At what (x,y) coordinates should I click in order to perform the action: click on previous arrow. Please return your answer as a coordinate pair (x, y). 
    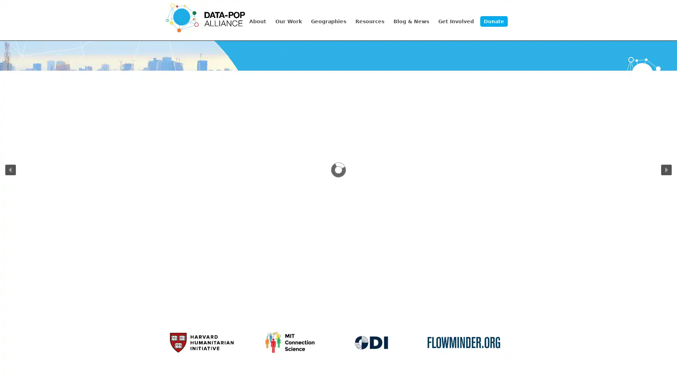
    Looking at the image, I should click on (10, 170).